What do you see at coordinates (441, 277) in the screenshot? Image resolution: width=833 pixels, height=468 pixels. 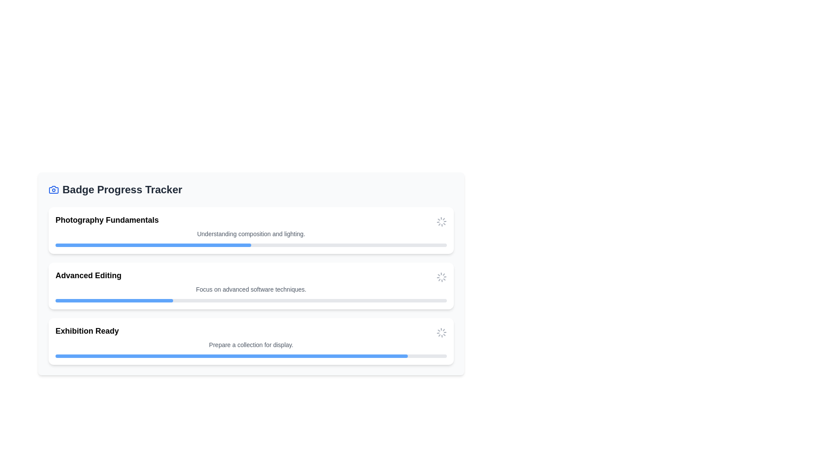 I see `the spinning animation of the Loader Animation Icon located under the 'Advanced Editing' section, positioned at the far right next to the progress bar` at bounding box center [441, 277].